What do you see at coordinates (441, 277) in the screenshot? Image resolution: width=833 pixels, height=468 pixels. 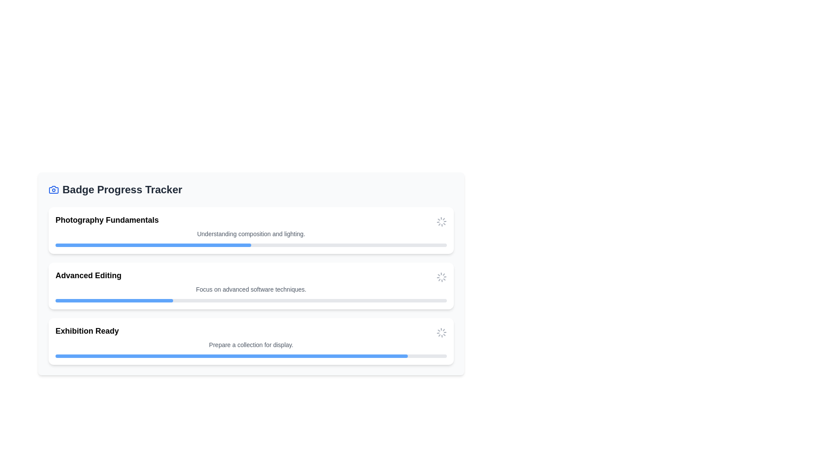 I see `the spinning animation of the Loader Animation Icon located under the 'Advanced Editing' section, positioned at the far right next to the progress bar` at bounding box center [441, 277].